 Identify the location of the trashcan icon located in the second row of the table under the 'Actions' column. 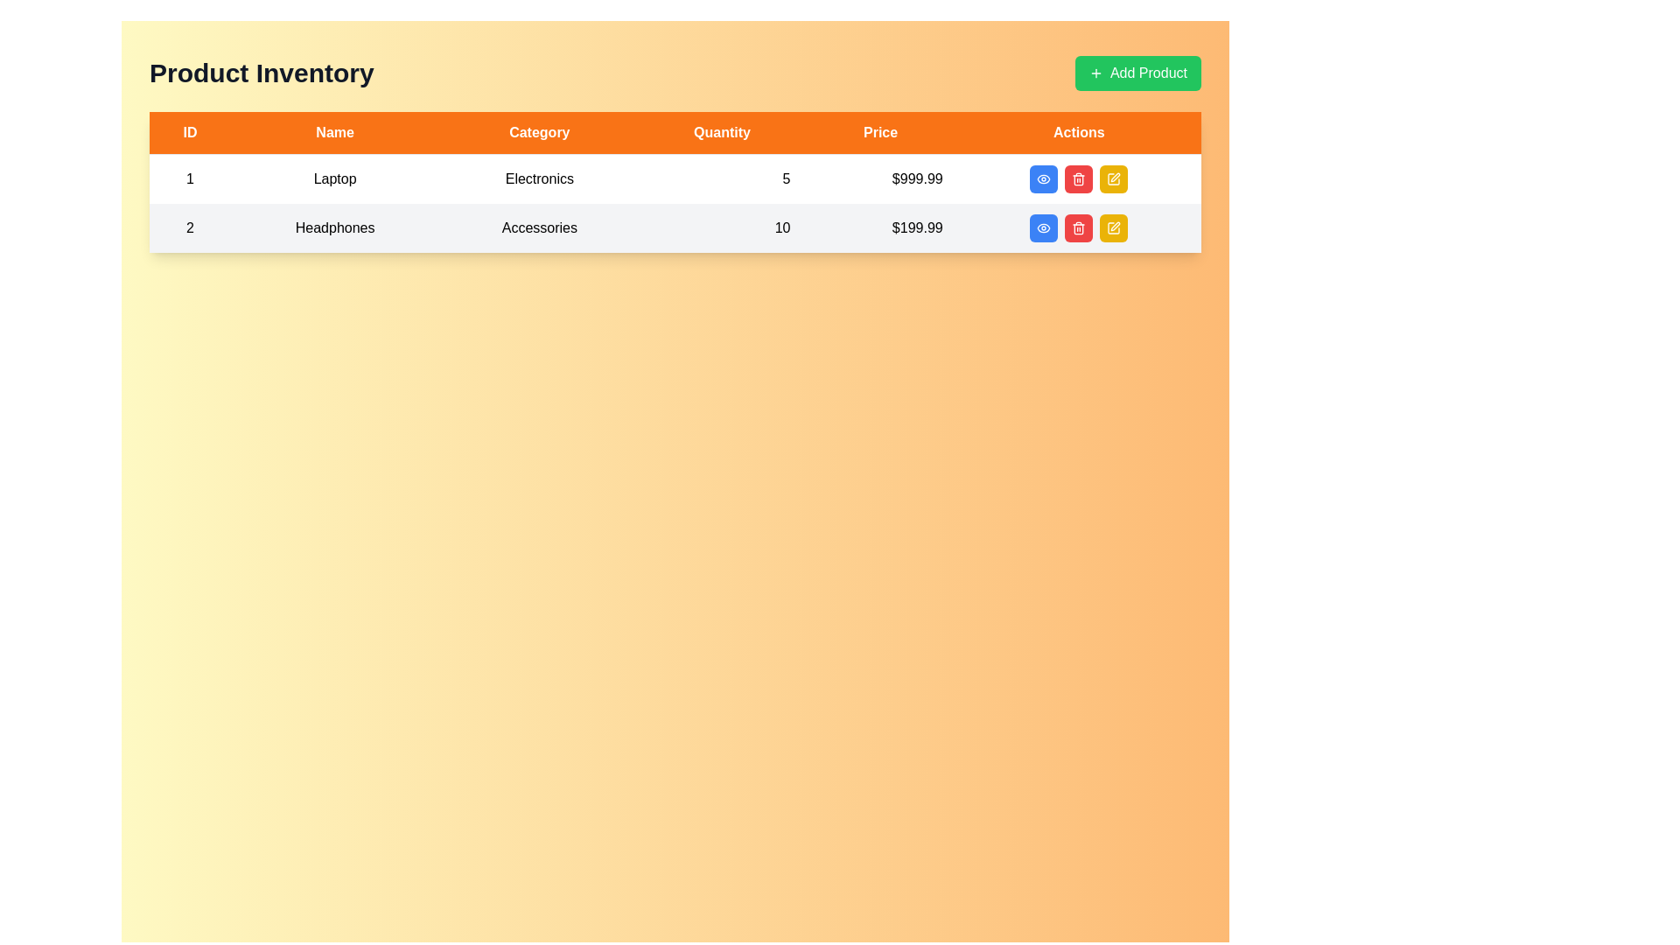
(1078, 228).